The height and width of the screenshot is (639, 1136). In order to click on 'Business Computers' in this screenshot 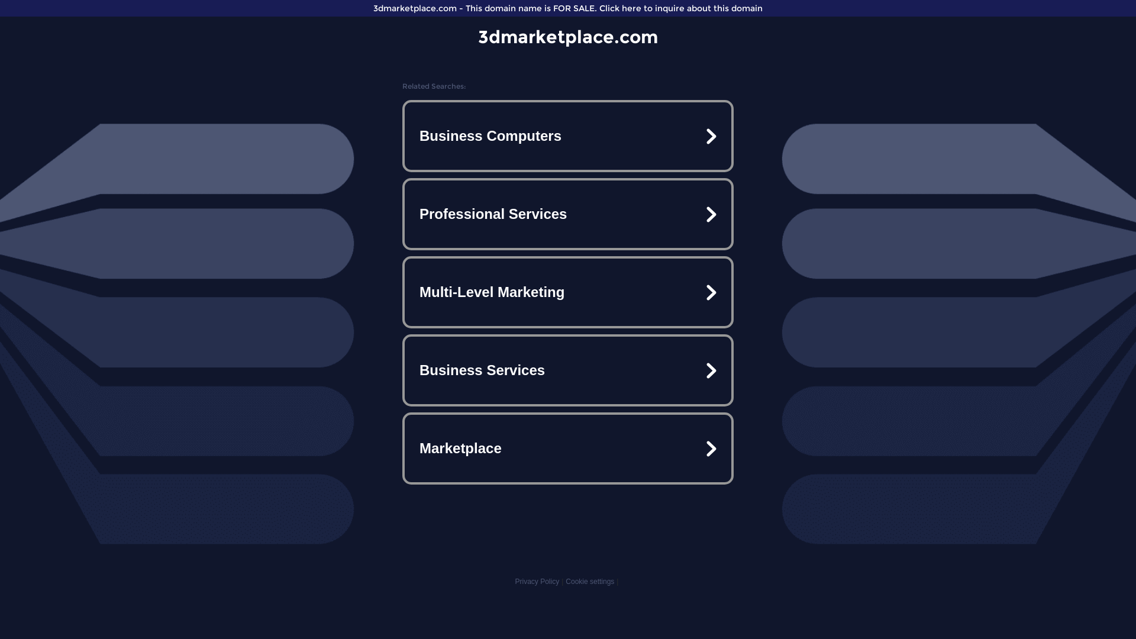, I will do `click(568, 135)`.